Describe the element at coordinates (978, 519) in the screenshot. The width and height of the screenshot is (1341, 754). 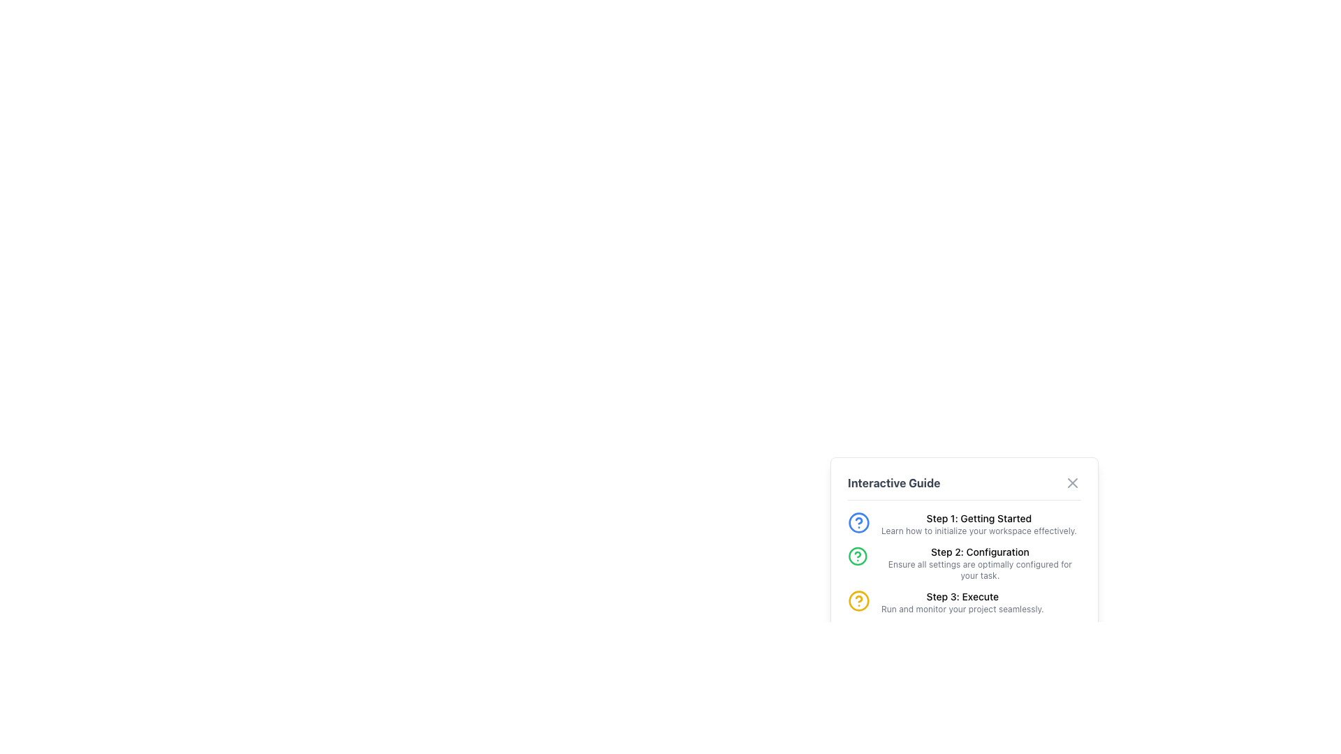
I see `the Text Label that serves as the heading for the Interactive Guide panel, located at the top-middle side of the content area, above the text 'Learn how to initialize your workspace effectively.'` at that location.